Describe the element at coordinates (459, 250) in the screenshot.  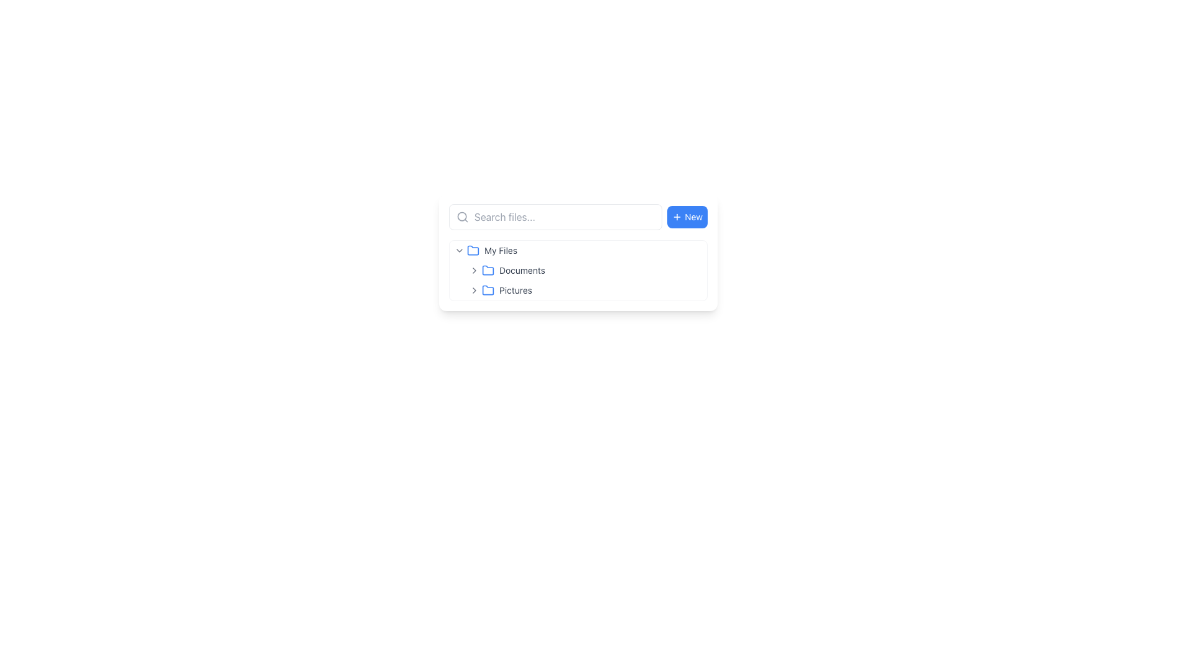
I see `the chevron icon` at that location.